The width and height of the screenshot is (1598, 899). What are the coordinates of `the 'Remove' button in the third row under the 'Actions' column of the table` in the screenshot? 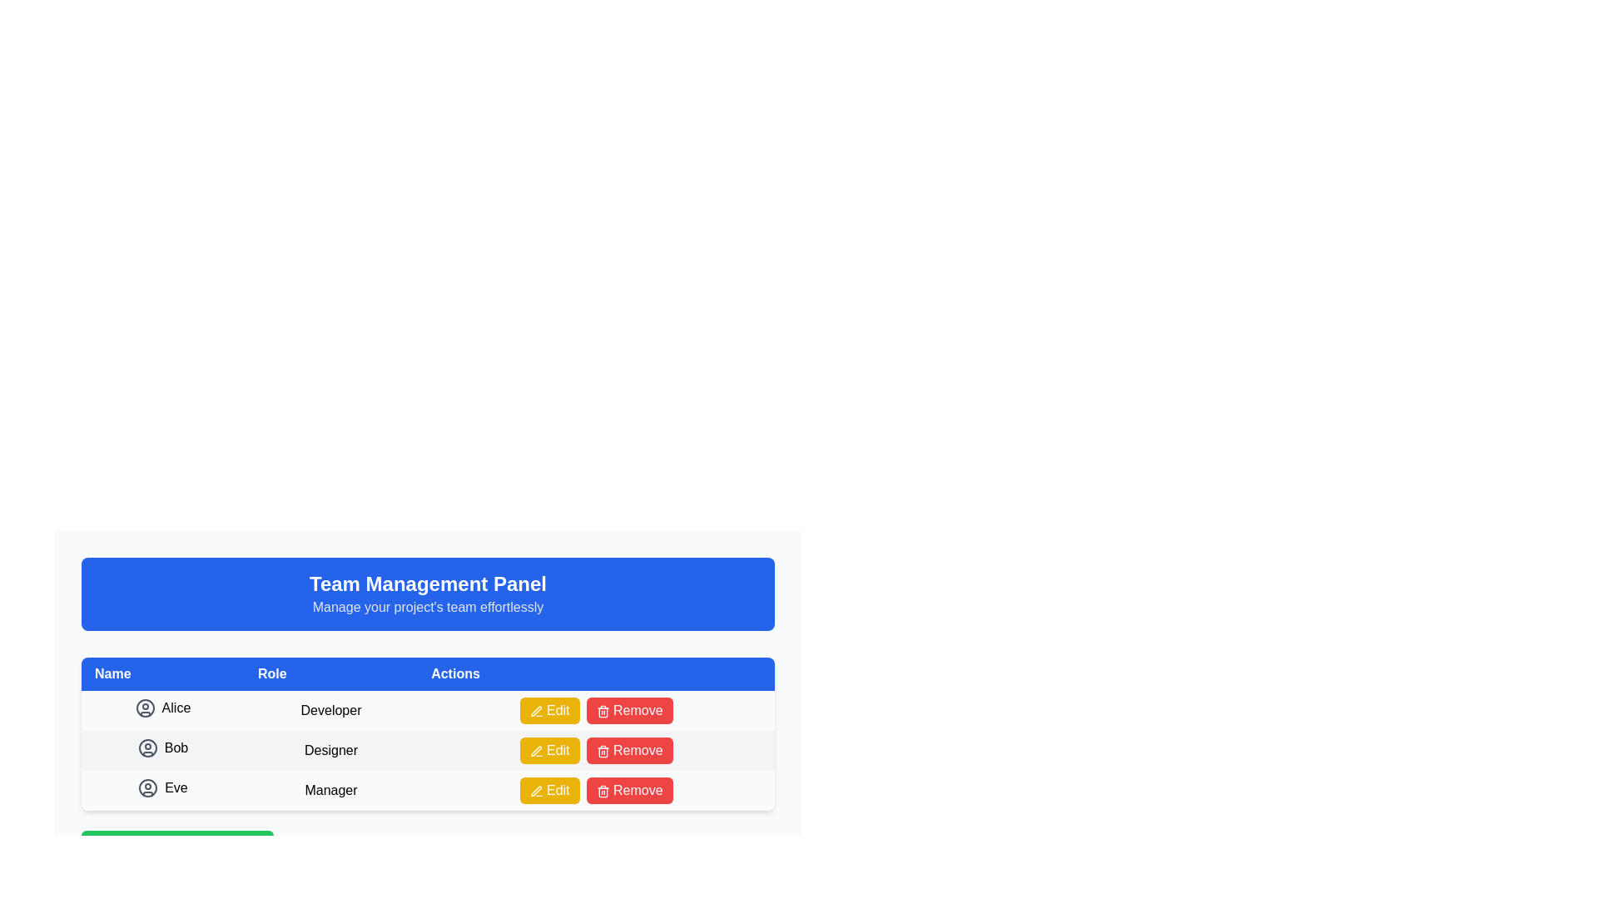 It's located at (628, 789).